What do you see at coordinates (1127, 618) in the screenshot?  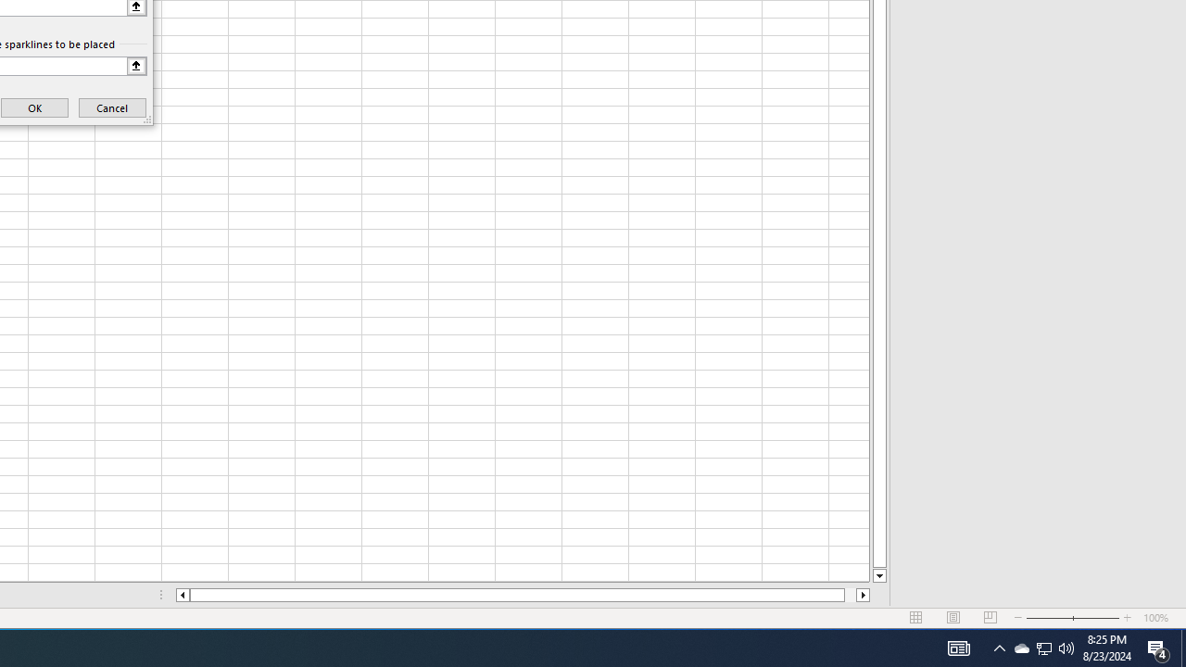 I see `'Zoom In'` at bounding box center [1127, 618].